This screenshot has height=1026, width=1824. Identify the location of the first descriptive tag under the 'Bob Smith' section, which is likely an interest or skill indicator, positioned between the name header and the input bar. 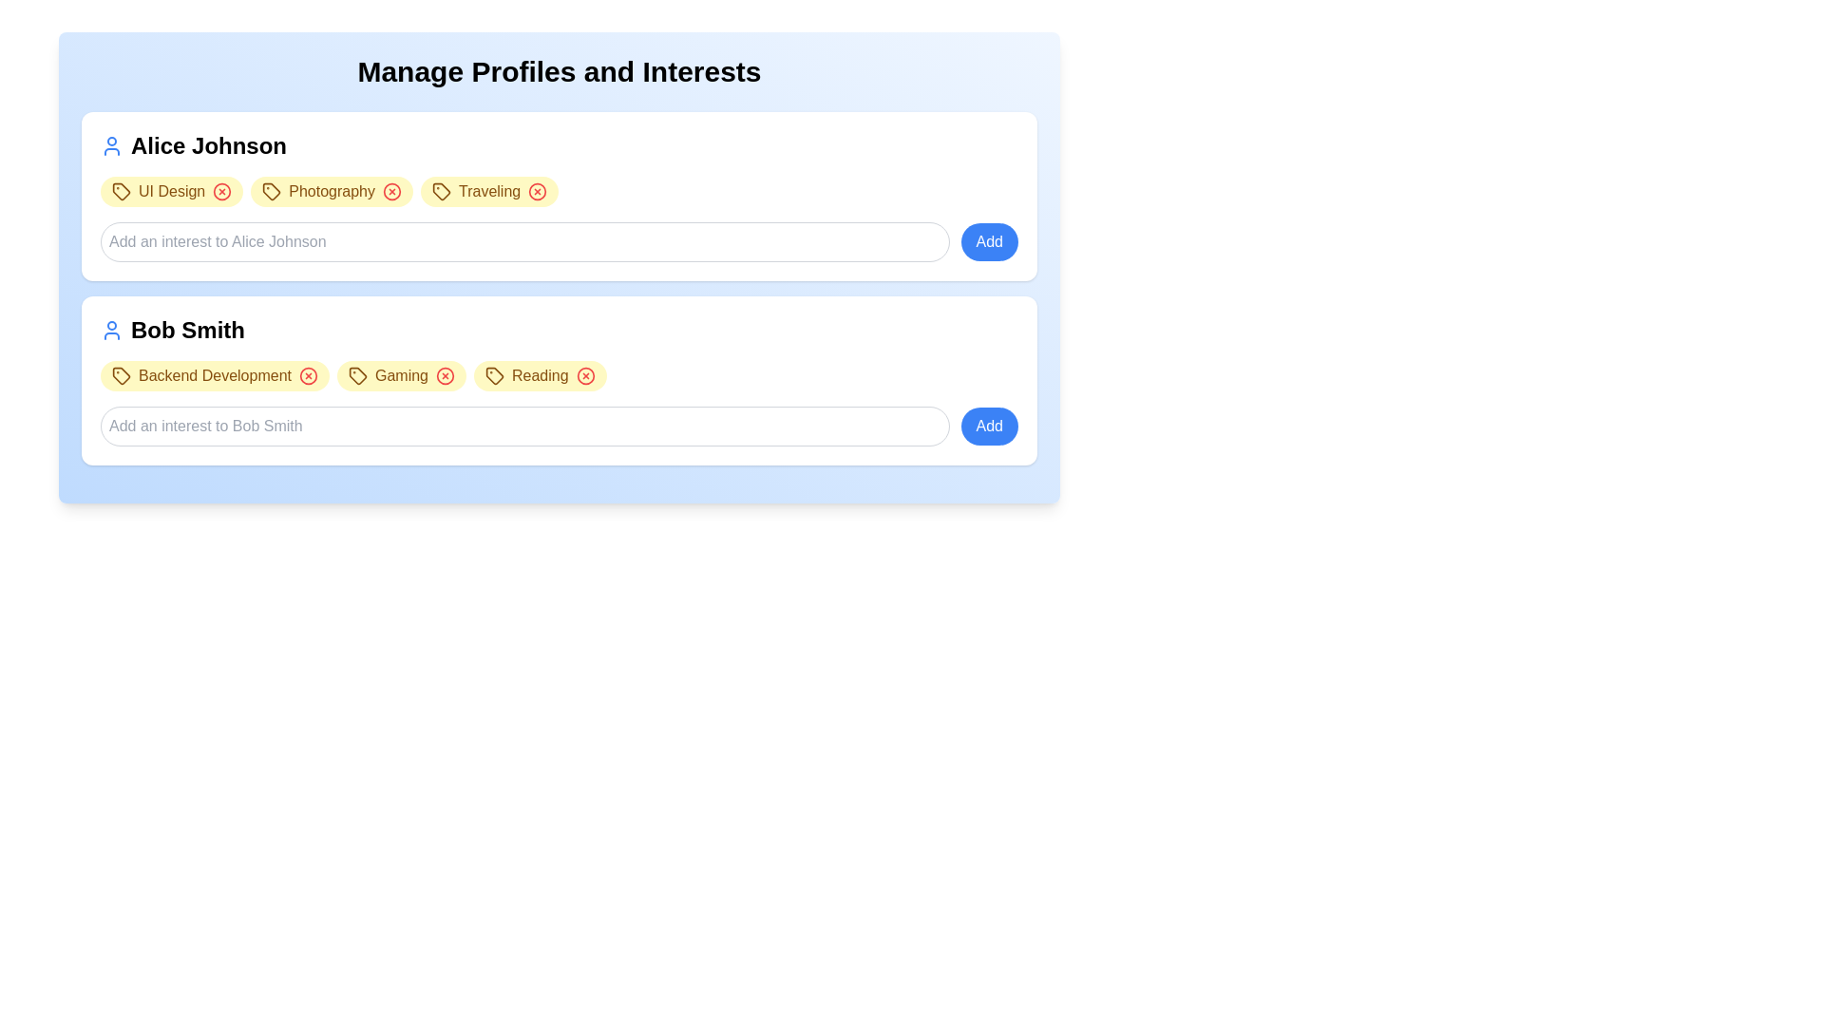
(215, 376).